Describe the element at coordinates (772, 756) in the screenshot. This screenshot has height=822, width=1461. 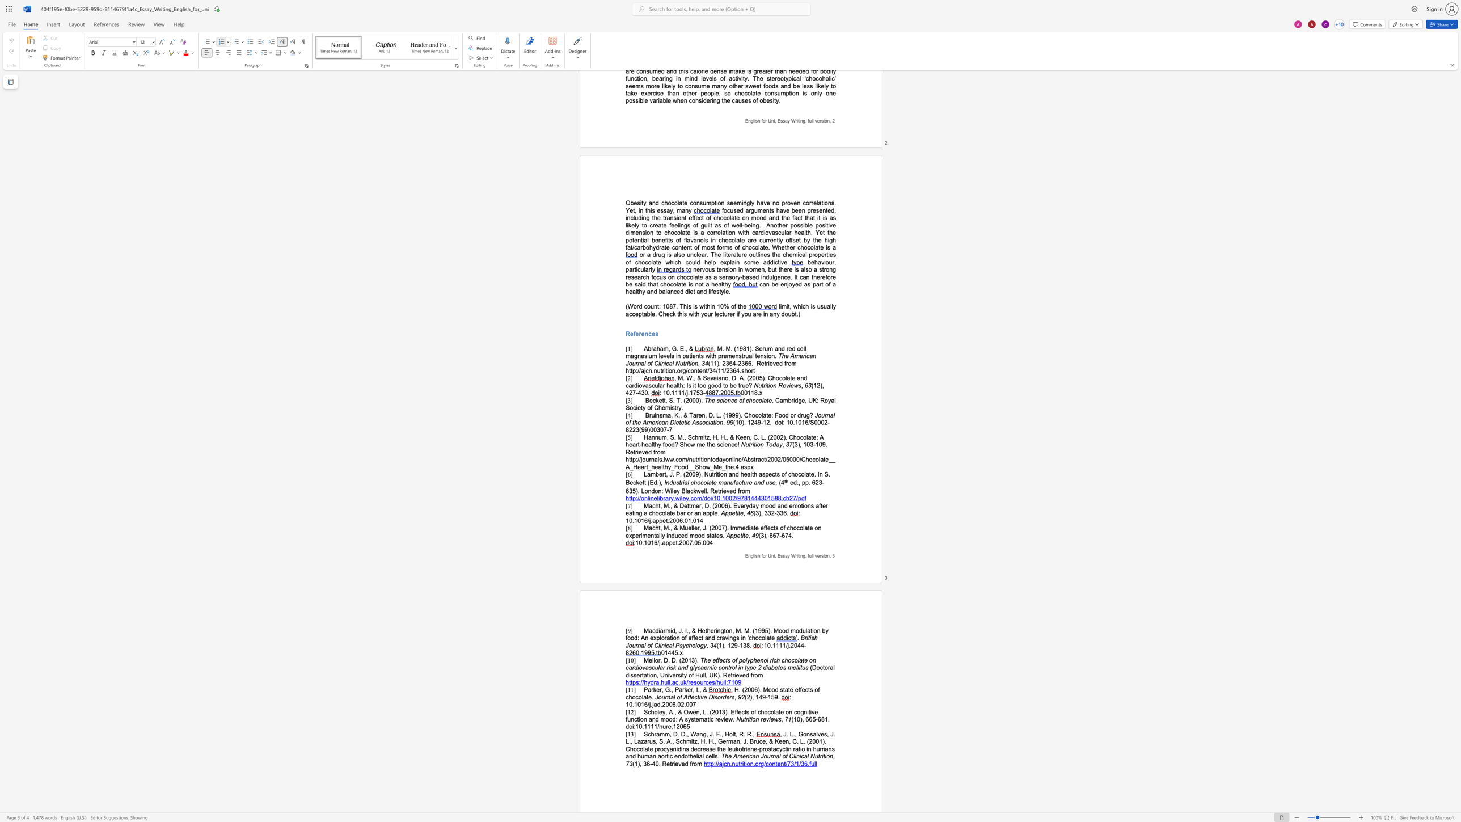
I see `the space between the continuous character "r" and "n" in the text` at that location.